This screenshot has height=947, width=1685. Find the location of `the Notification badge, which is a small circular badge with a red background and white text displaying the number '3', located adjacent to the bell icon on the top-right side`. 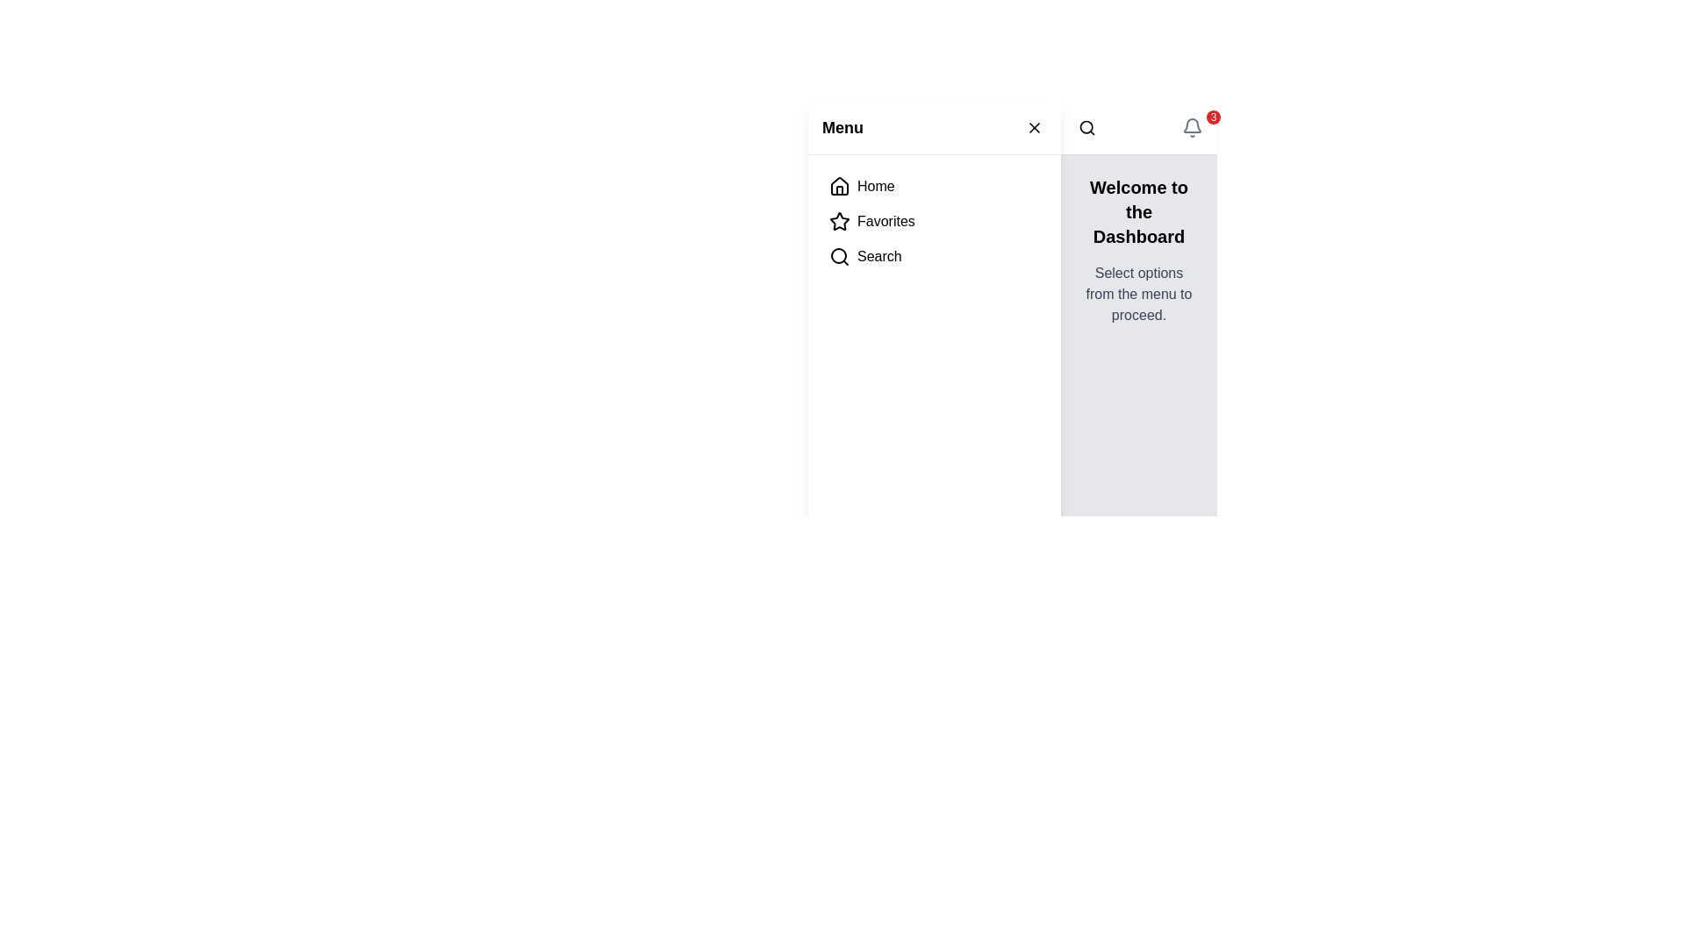

the Notification badge, which is a small circular badge with a red background and white text displaying the number '3', located adjacent to the bell icon on the top-right side is located at coordinates (1212, 117).